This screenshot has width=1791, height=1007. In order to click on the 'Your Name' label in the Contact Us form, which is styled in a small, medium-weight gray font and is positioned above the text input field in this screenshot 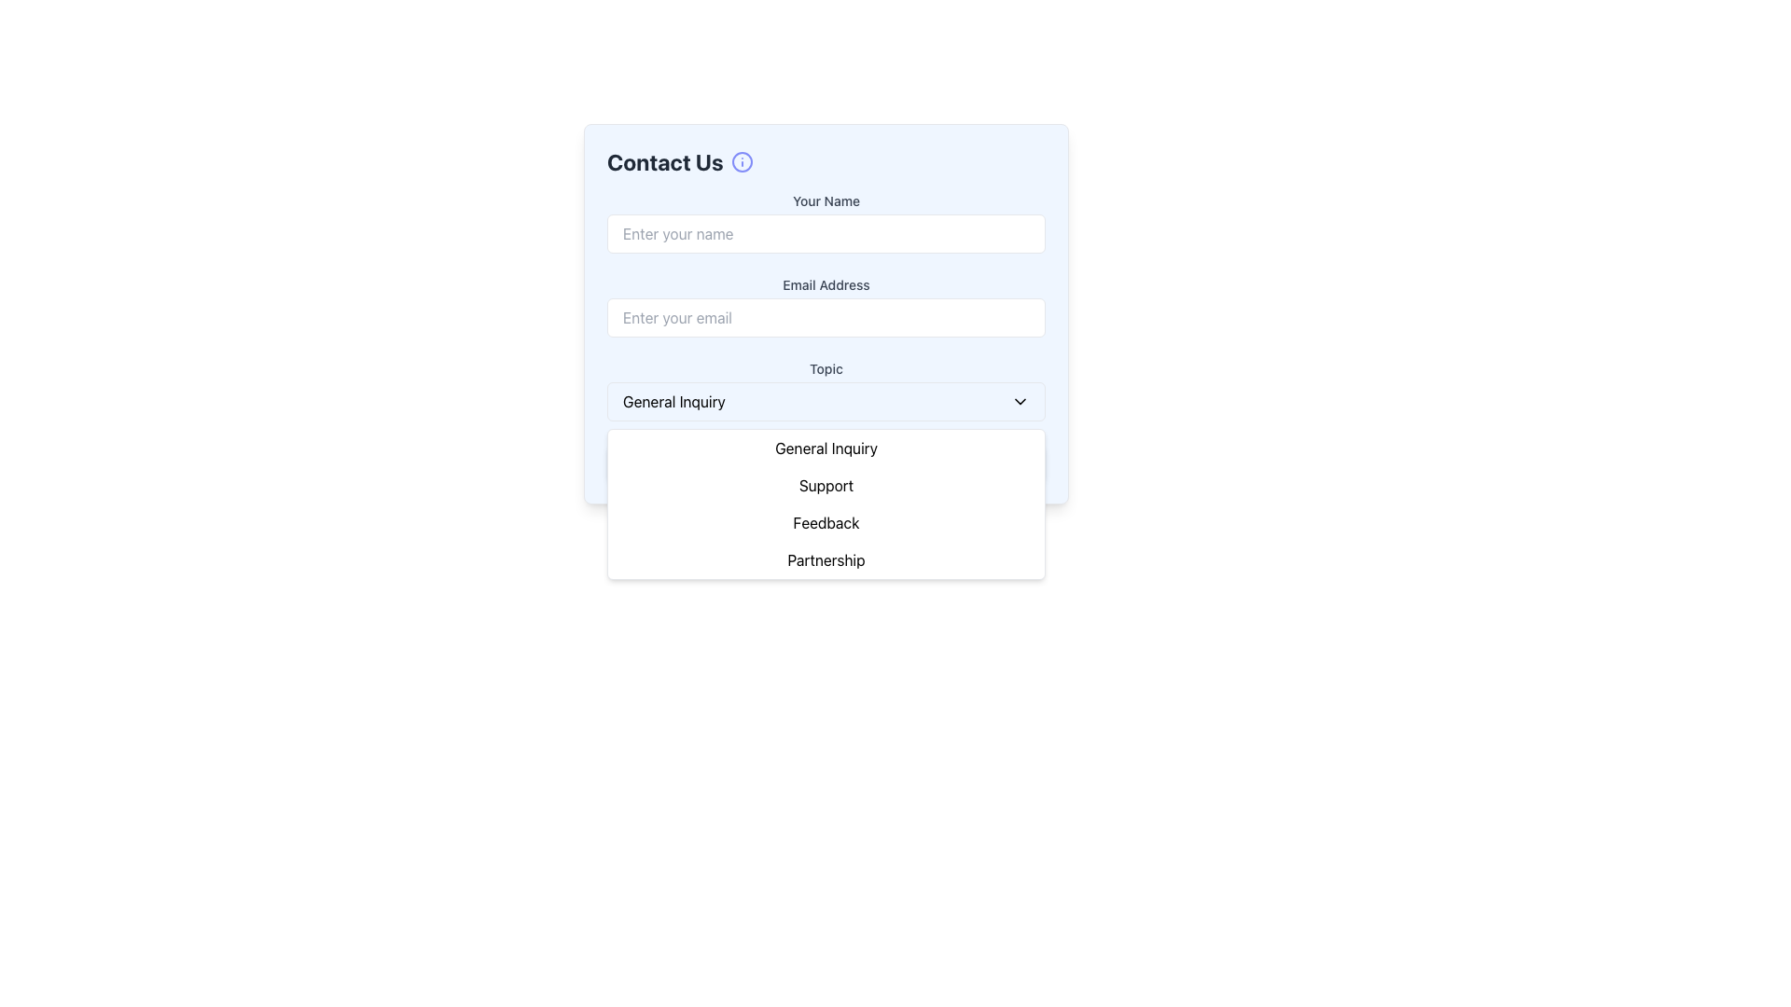, I will do `click(826, 201)`.